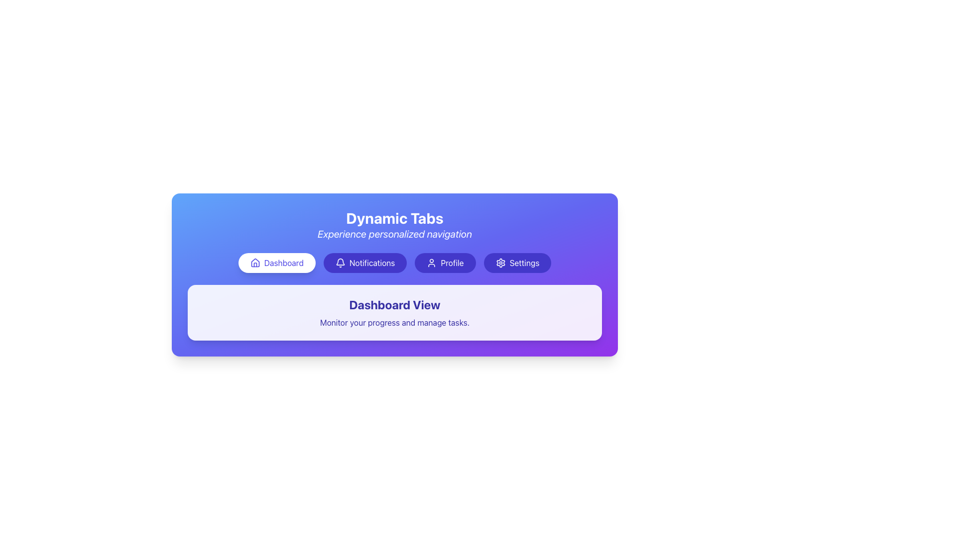  I want to click on the house icon, which is part of the 'Dashboard' navigation button, located within a rounded square button with a colorful gradient, so click(255, 262).